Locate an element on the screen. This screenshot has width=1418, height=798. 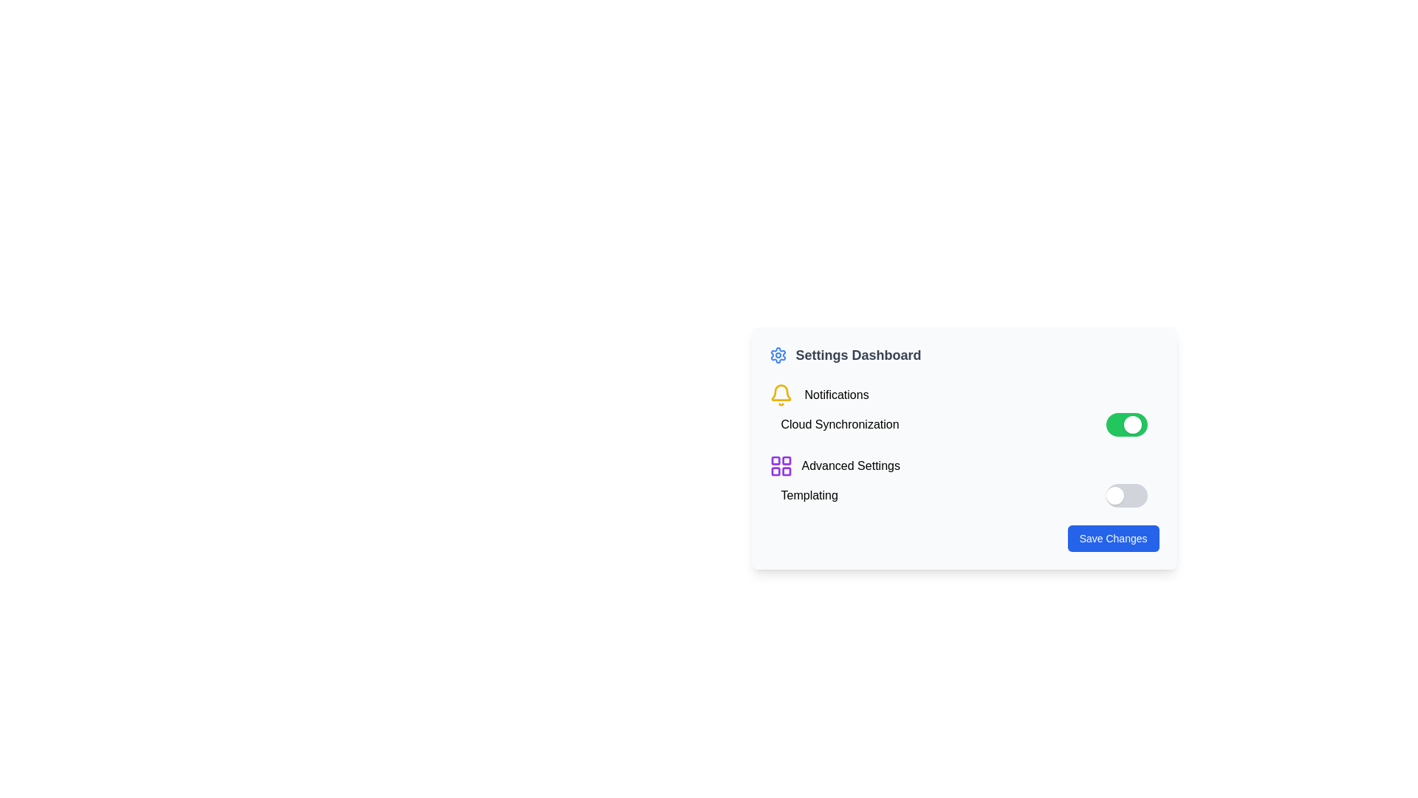
the toggle switch for the 'Templating' feature to change its state (enable or disable) is located at coordinates (1126, 496).